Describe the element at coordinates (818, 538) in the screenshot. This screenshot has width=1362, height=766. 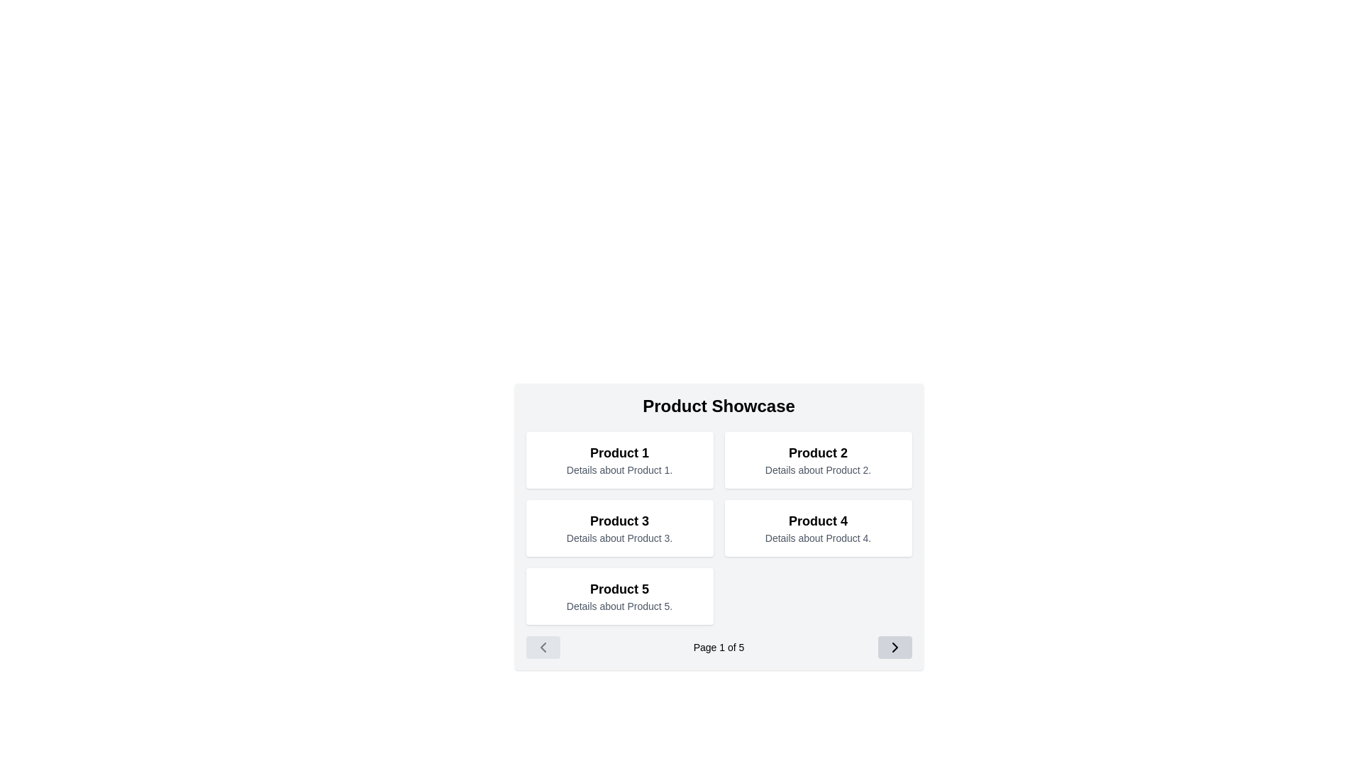
I see `the text element reading 'Details about Product 4.', which is a smaller gray font located below the bold title 'Product 4'` at that location.